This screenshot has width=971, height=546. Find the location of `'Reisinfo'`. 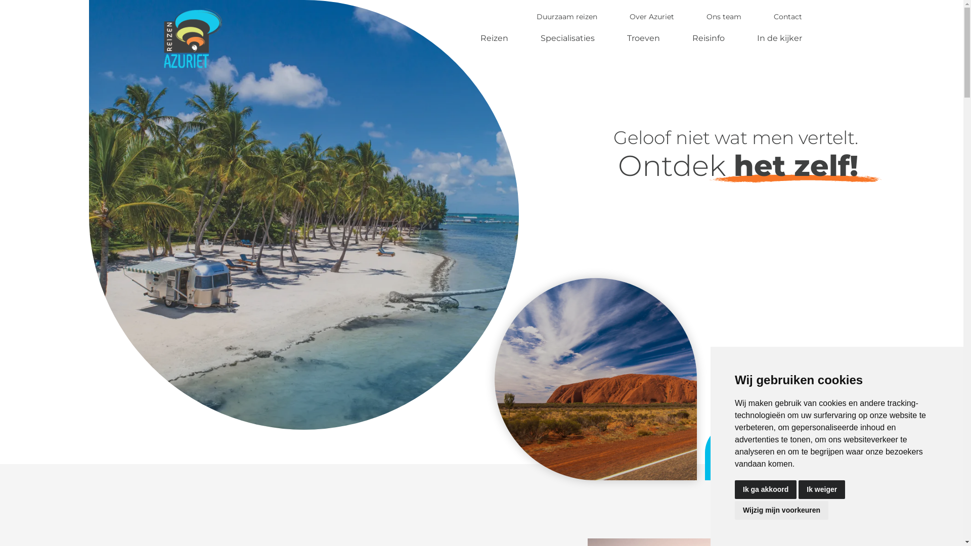

'Reisinfo' is located at coordinates (708, 37).